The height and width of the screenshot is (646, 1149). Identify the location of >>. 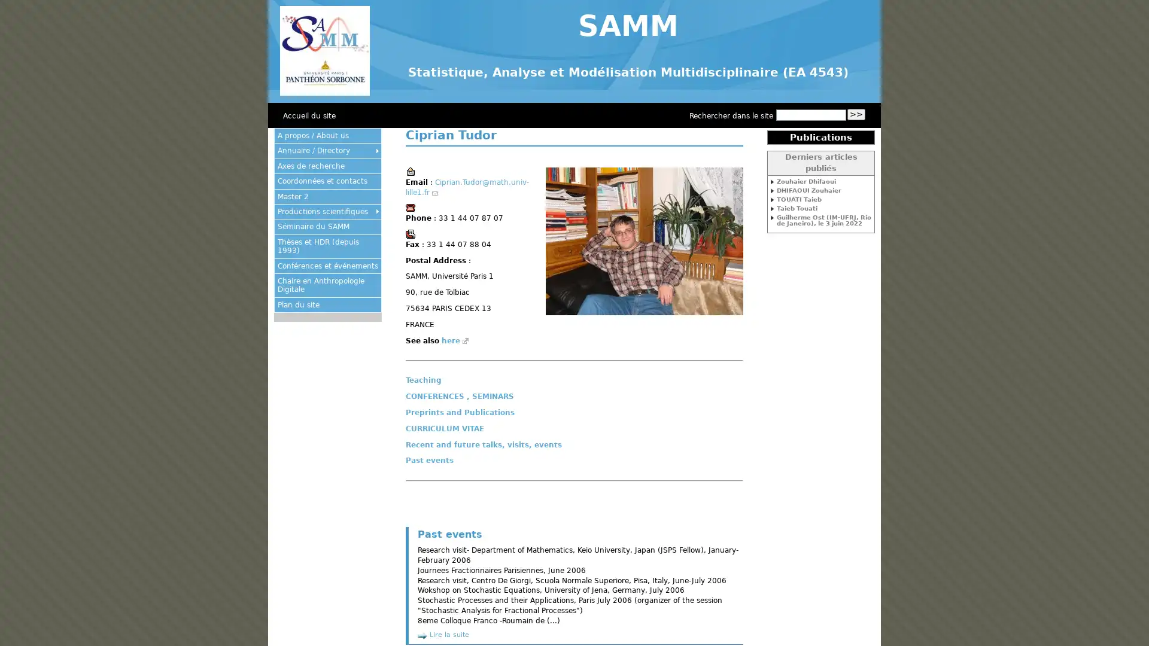
(855, 114).